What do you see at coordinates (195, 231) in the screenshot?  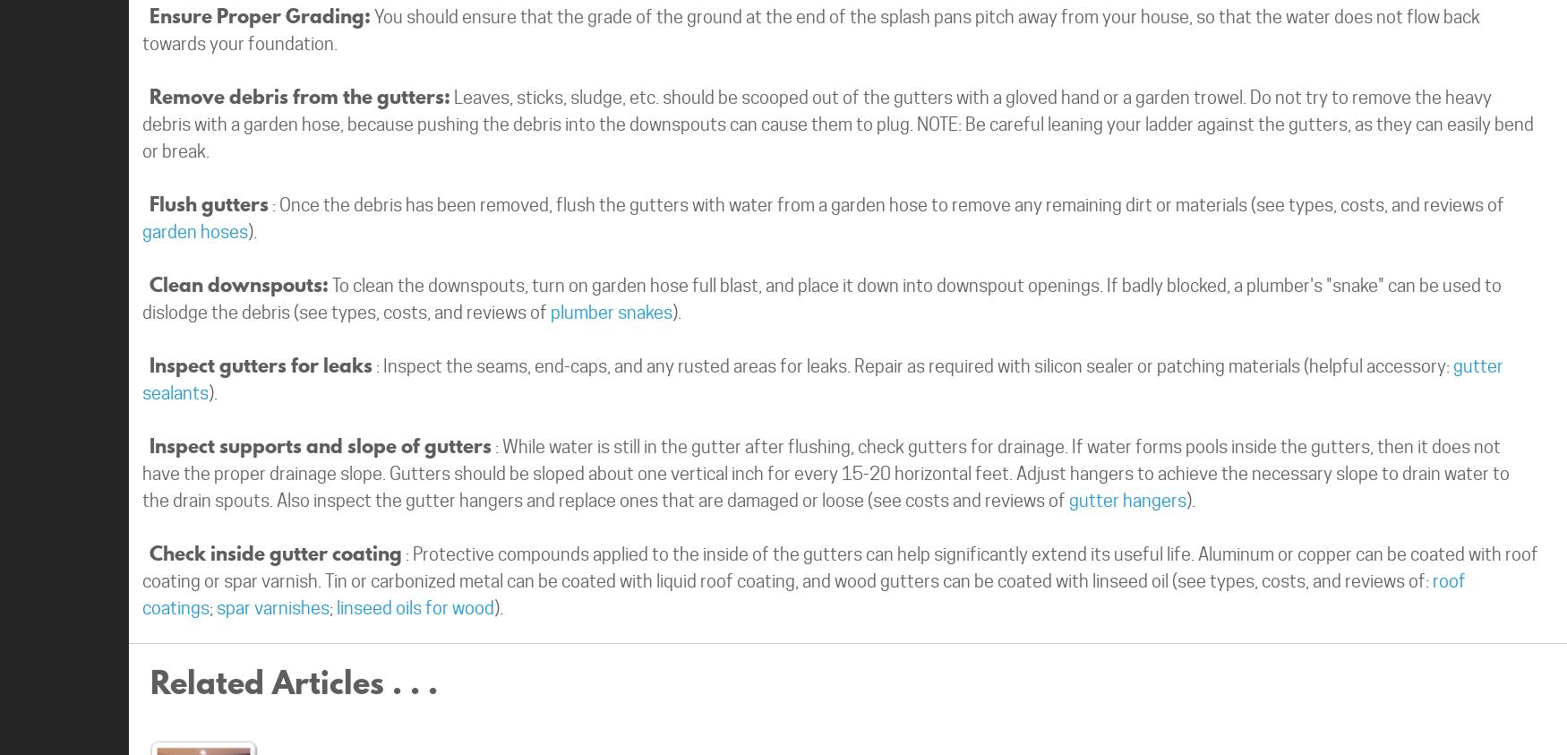 I see `'garden hoses'` at bounding box center [195, 231].